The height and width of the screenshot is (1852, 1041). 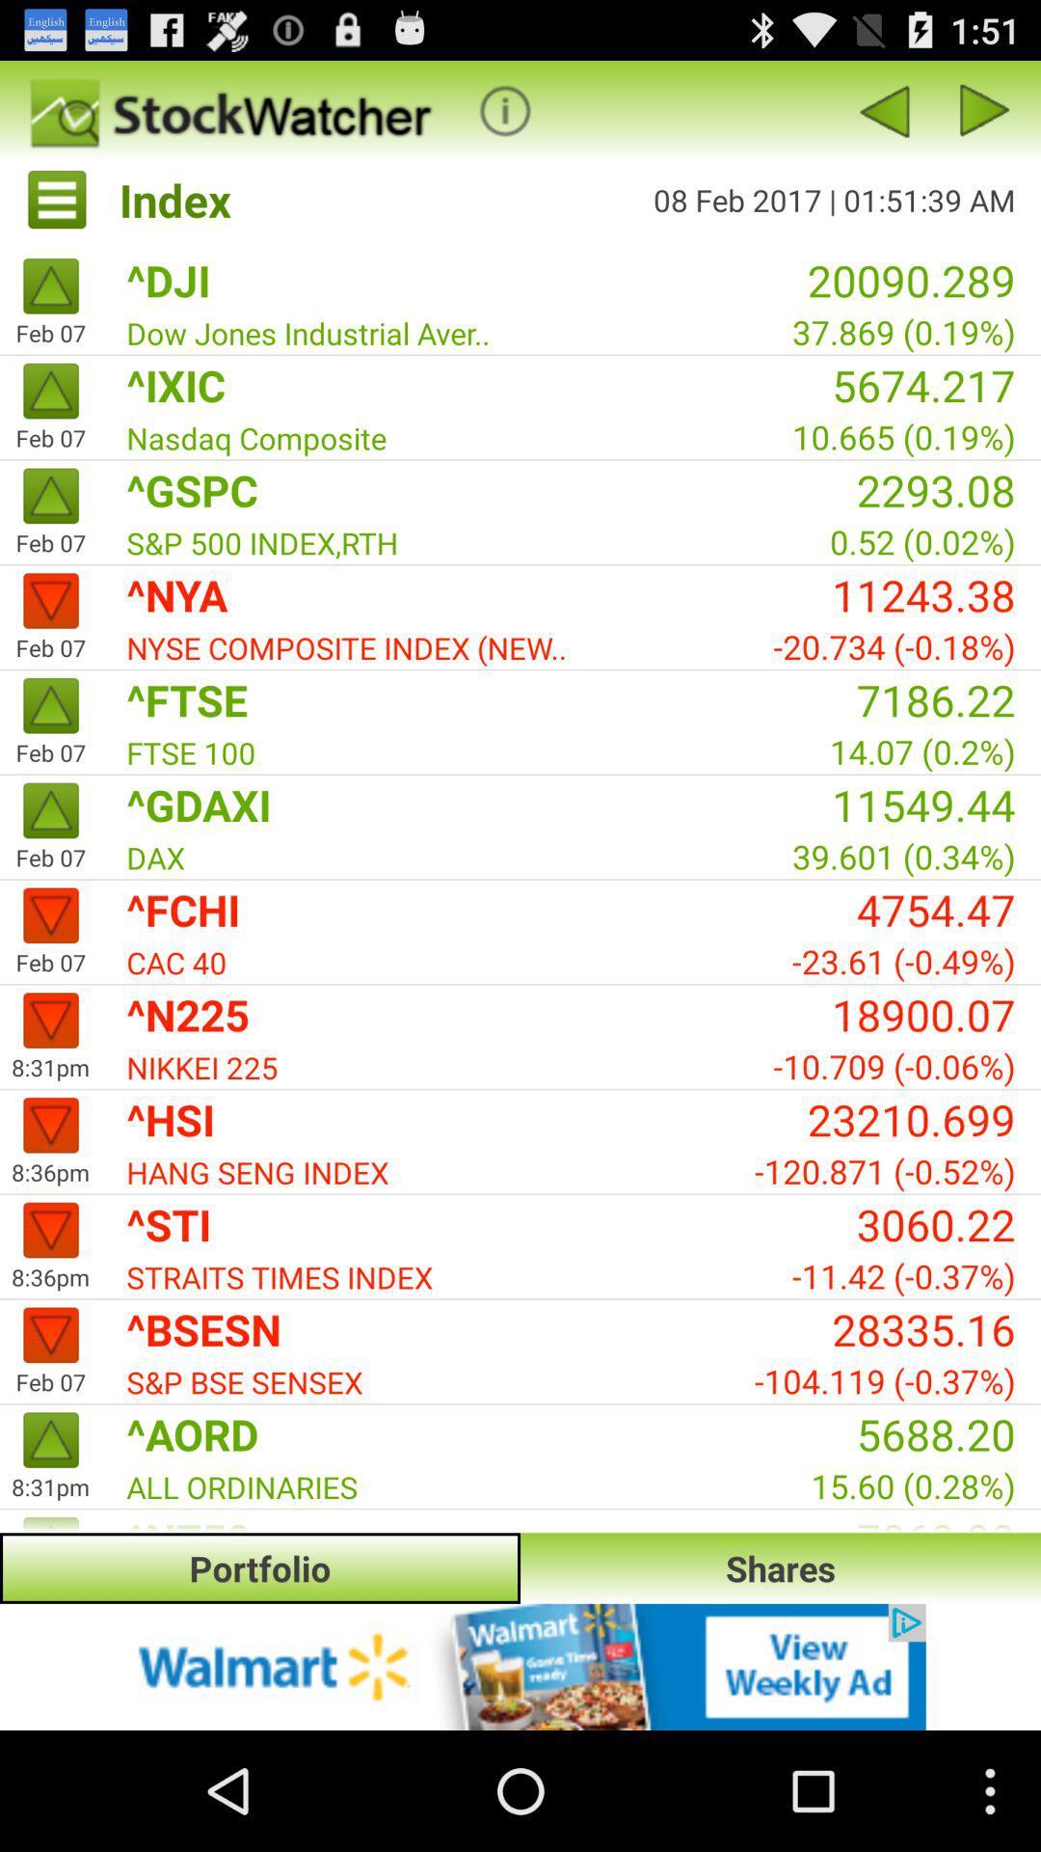 I want to click on previous page, so click(x=884, y=110).